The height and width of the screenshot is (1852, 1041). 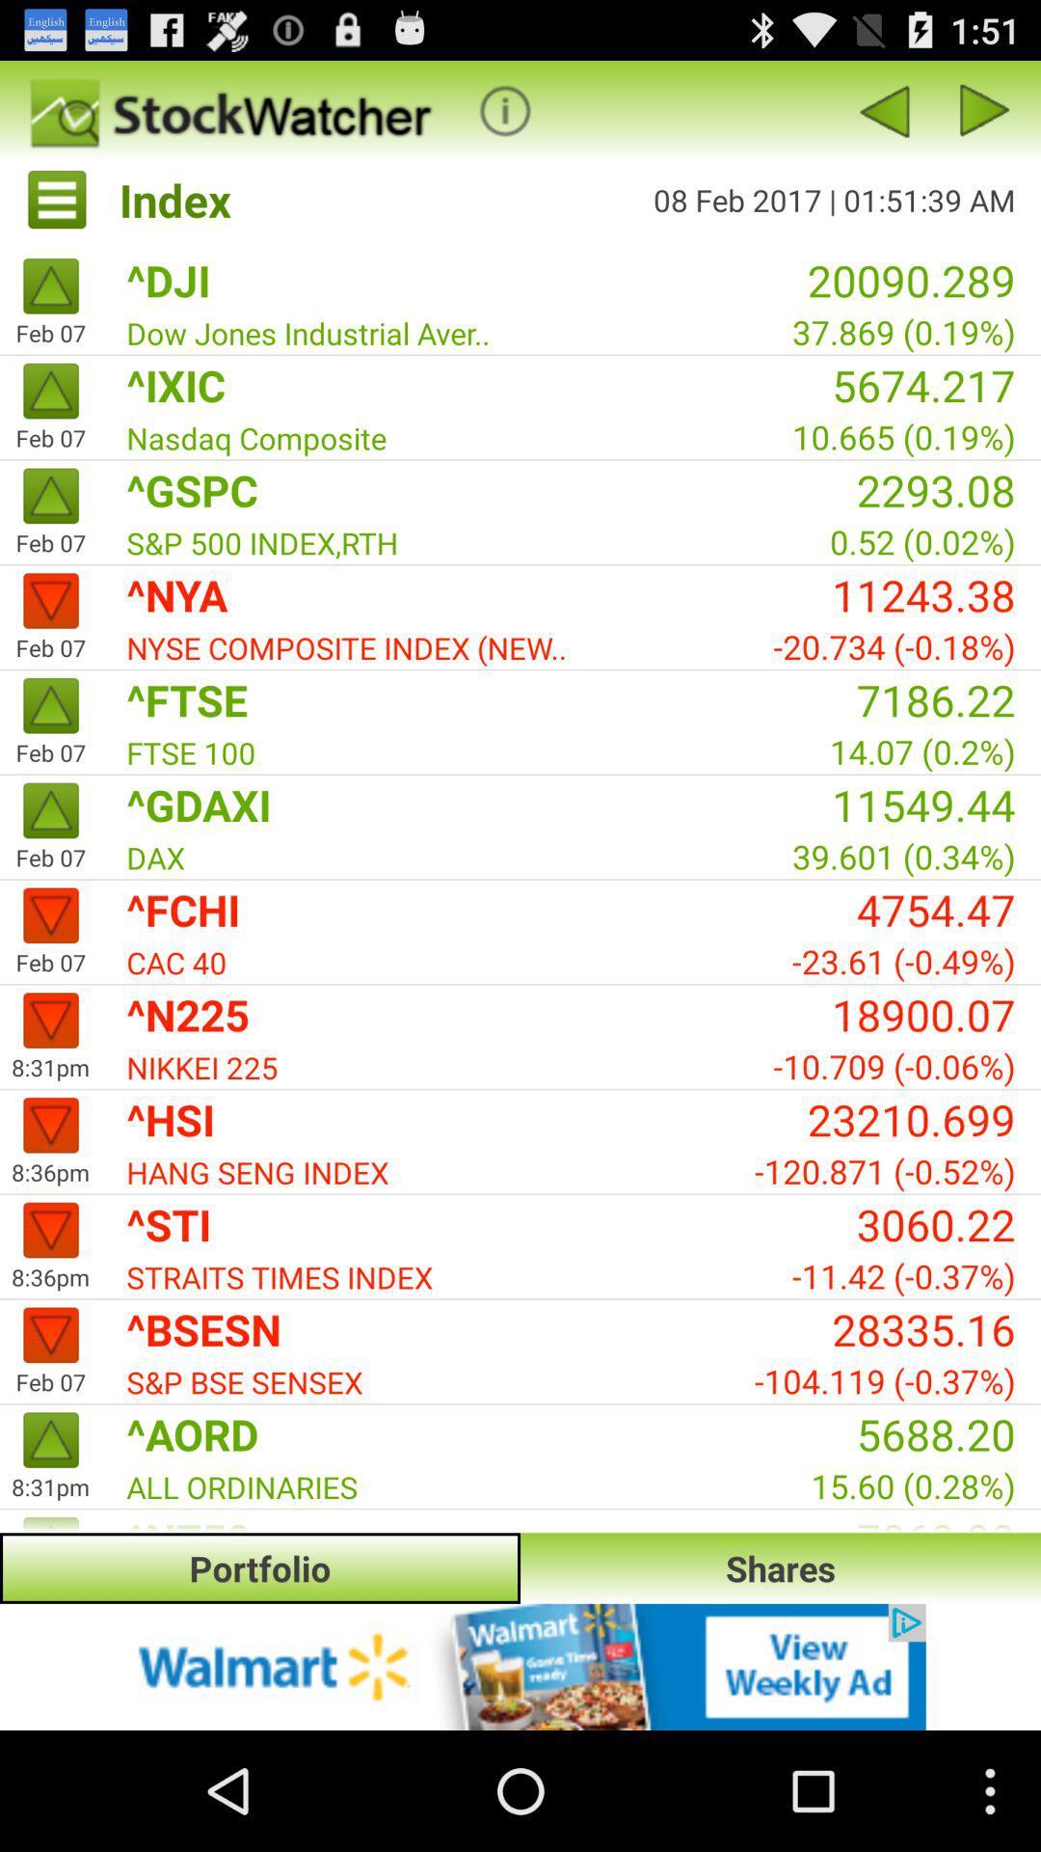 I want to click on previous page, so click(x=884, y=110).